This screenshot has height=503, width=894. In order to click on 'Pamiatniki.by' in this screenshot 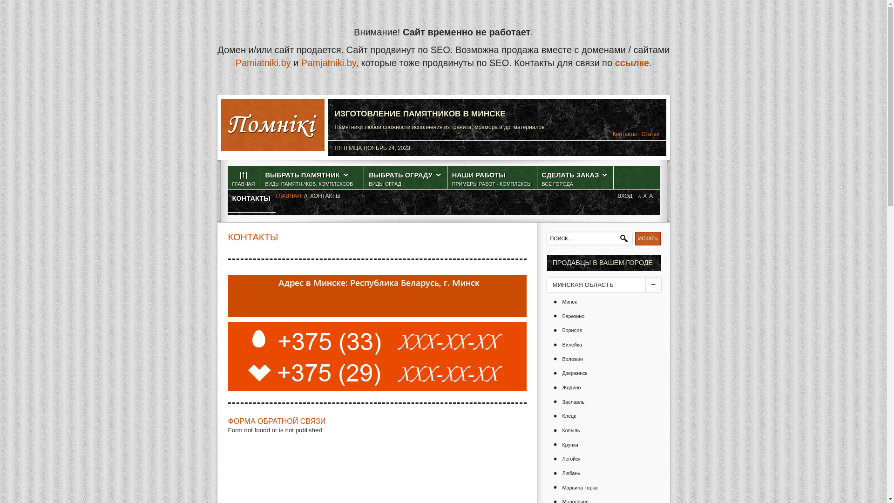, I will do `click(263, 63)`.